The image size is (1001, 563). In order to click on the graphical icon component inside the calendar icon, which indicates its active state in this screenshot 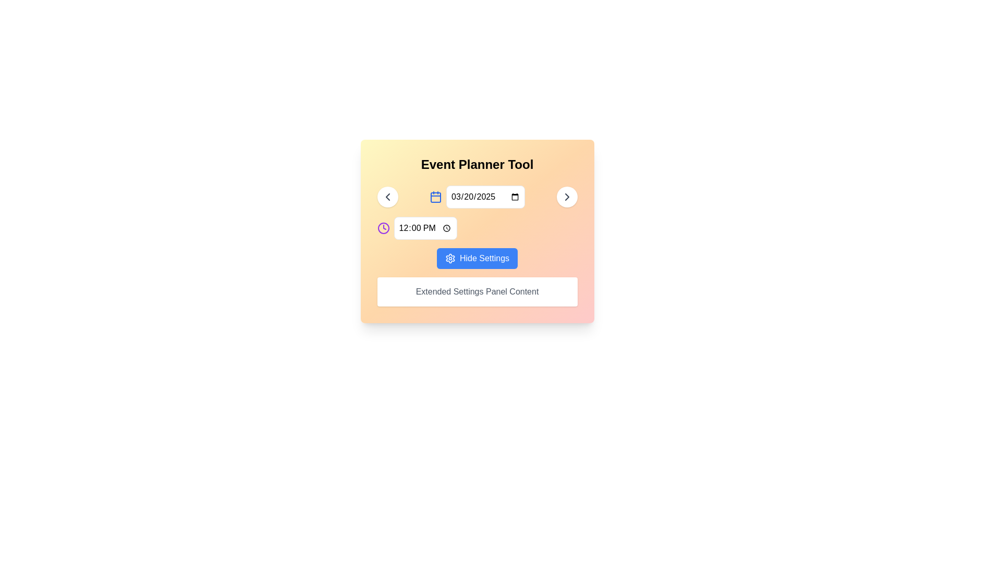, I will do `click(435, 197)`.